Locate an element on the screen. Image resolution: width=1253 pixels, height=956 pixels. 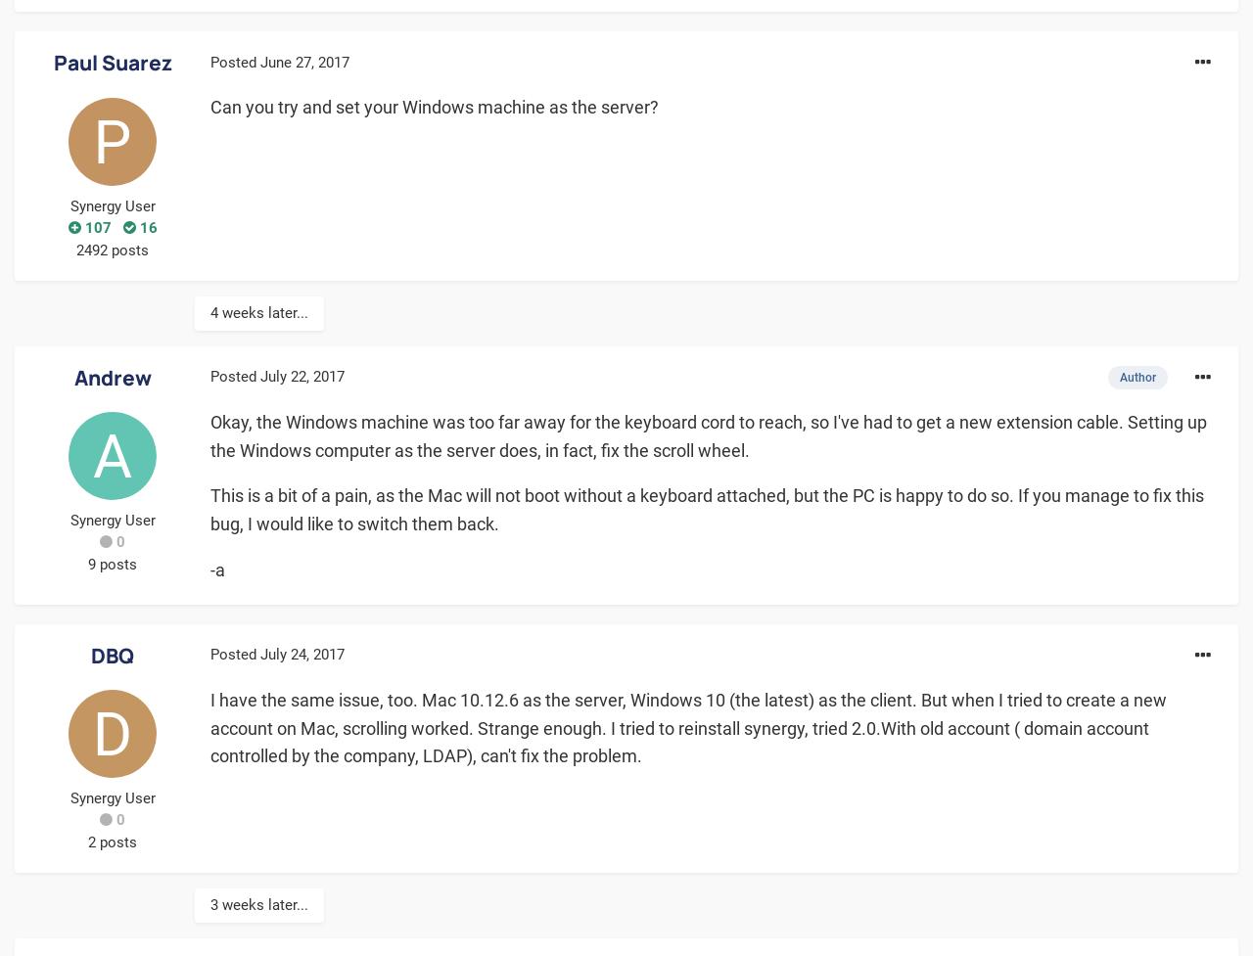
'Andrew' is located at coordinates (111, 377).